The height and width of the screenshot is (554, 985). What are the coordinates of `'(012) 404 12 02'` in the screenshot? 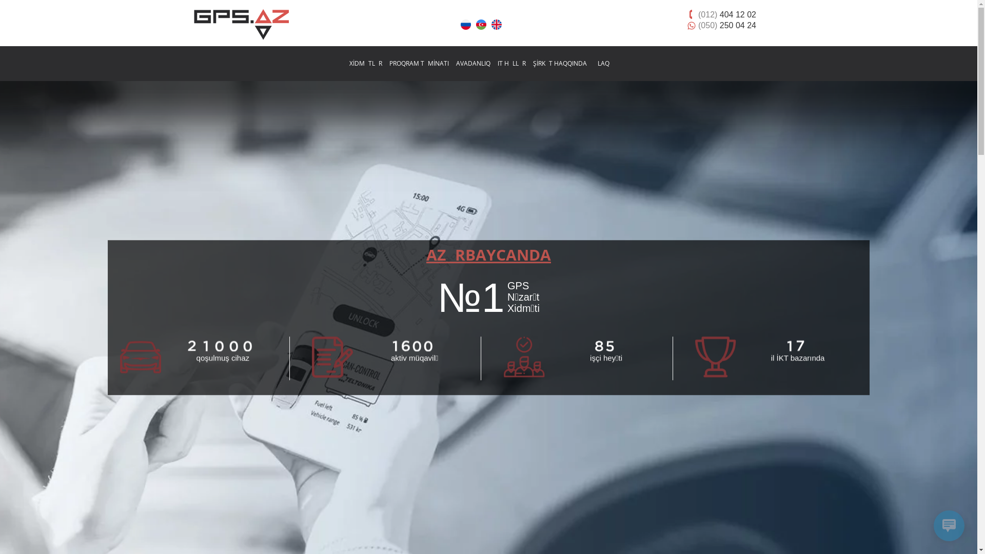 It's located at (726, 14).